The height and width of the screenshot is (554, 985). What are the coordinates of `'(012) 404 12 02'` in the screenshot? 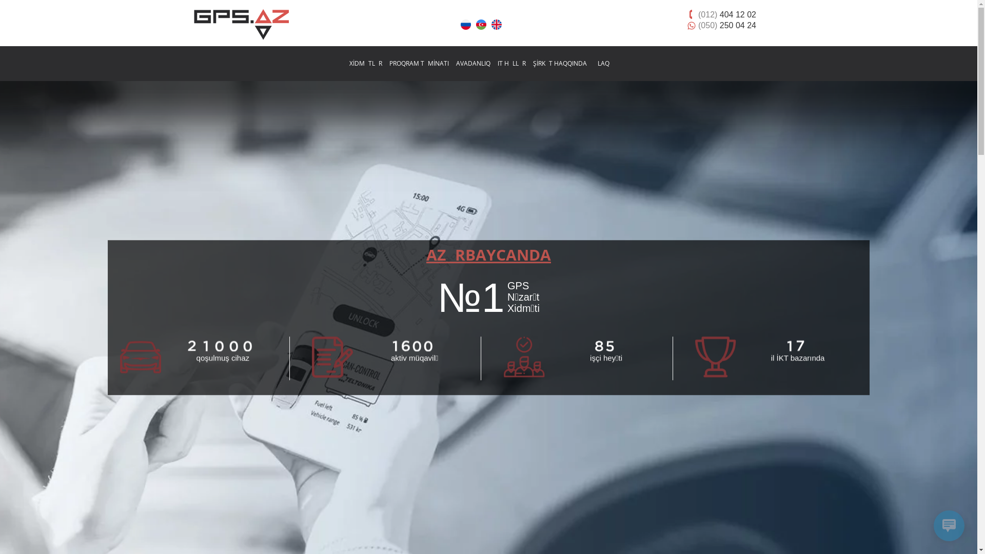 It's located at (726, 14).